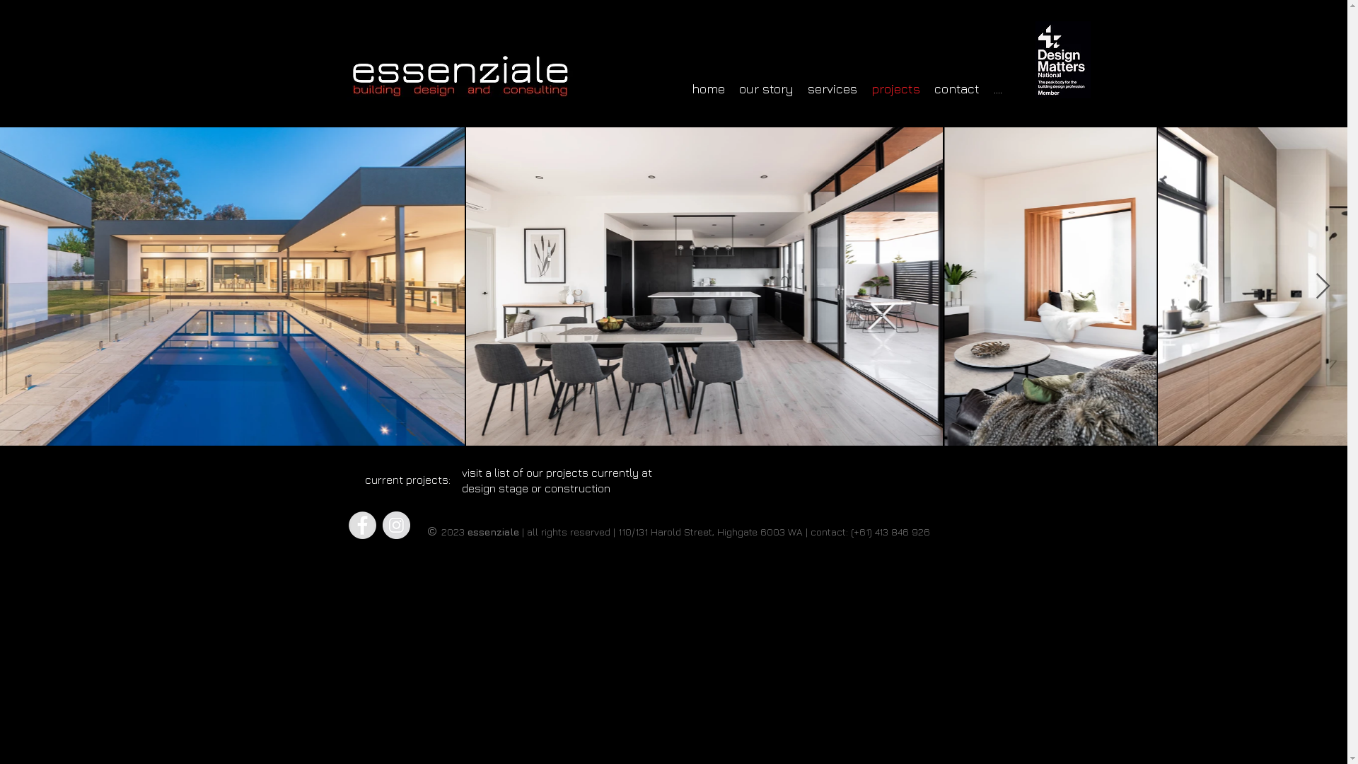 The width and height of the screenshot is (1358, 764). What do you see at coordinates (895, 89) in the screenshot?
I see `'projects'` at bounding box center [895, 89].